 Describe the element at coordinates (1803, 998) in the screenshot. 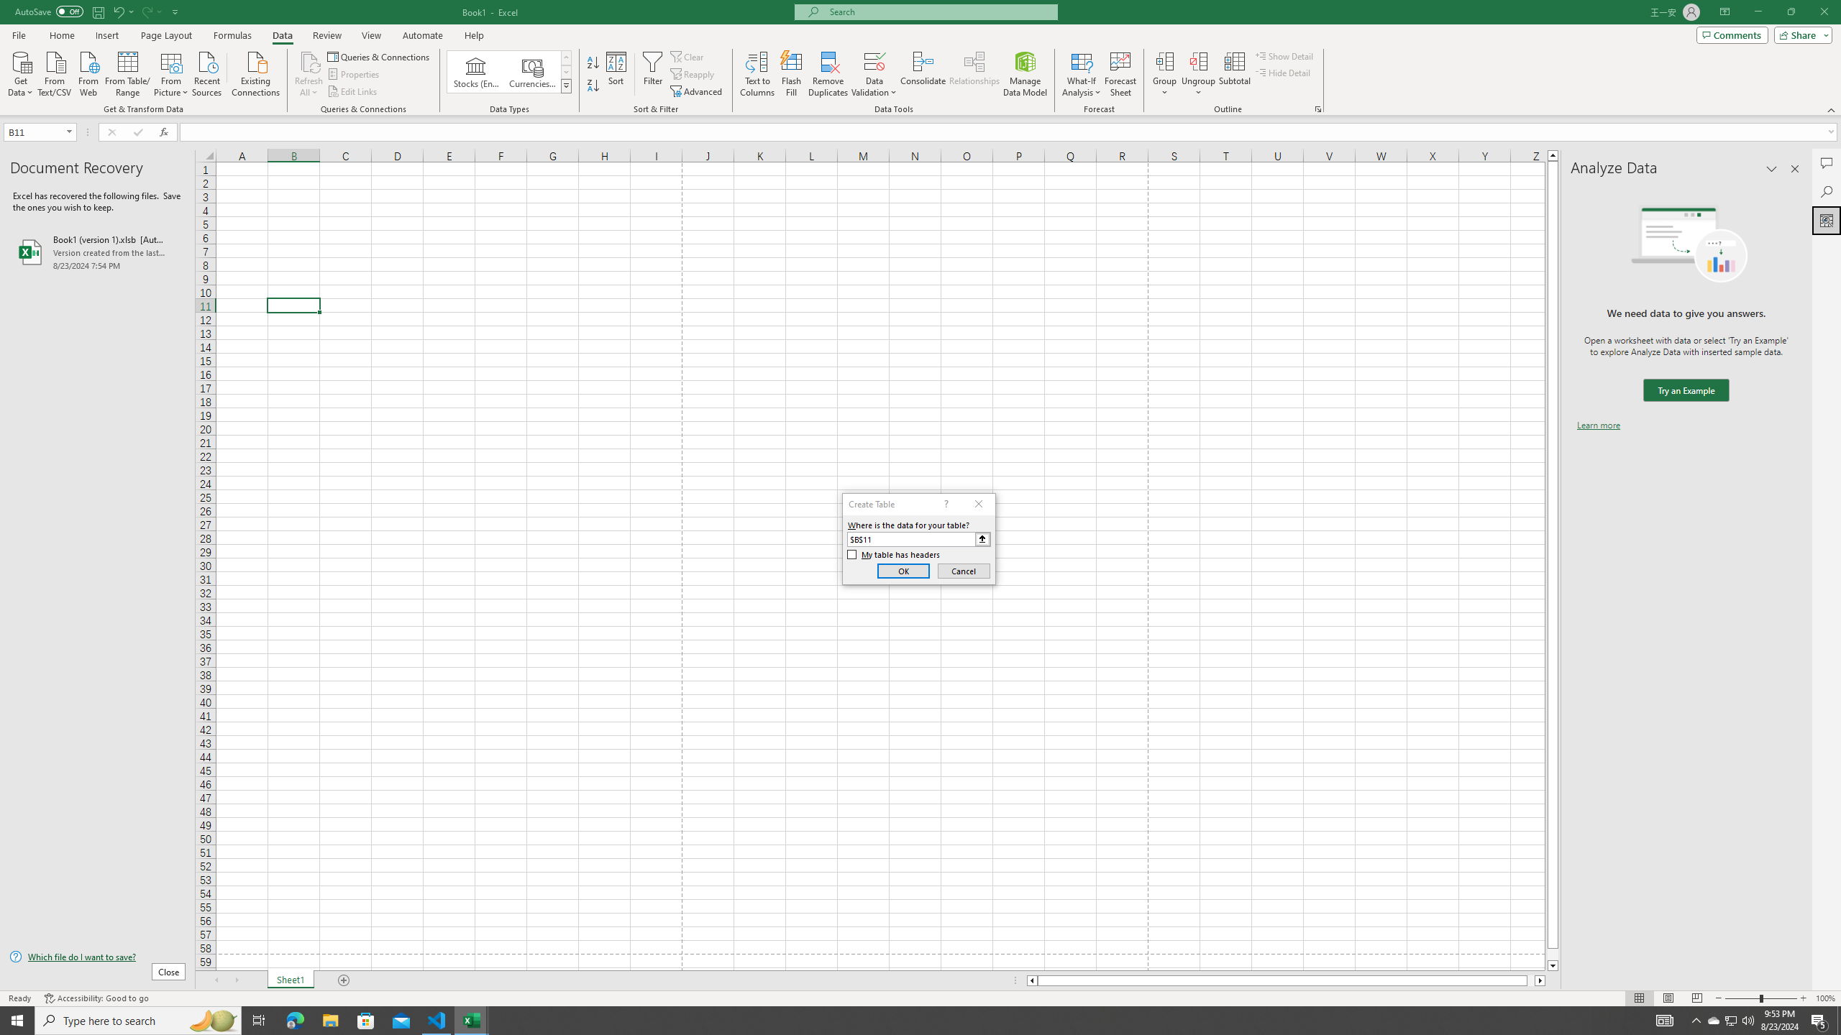

I see `'Zoom In'` at that location.